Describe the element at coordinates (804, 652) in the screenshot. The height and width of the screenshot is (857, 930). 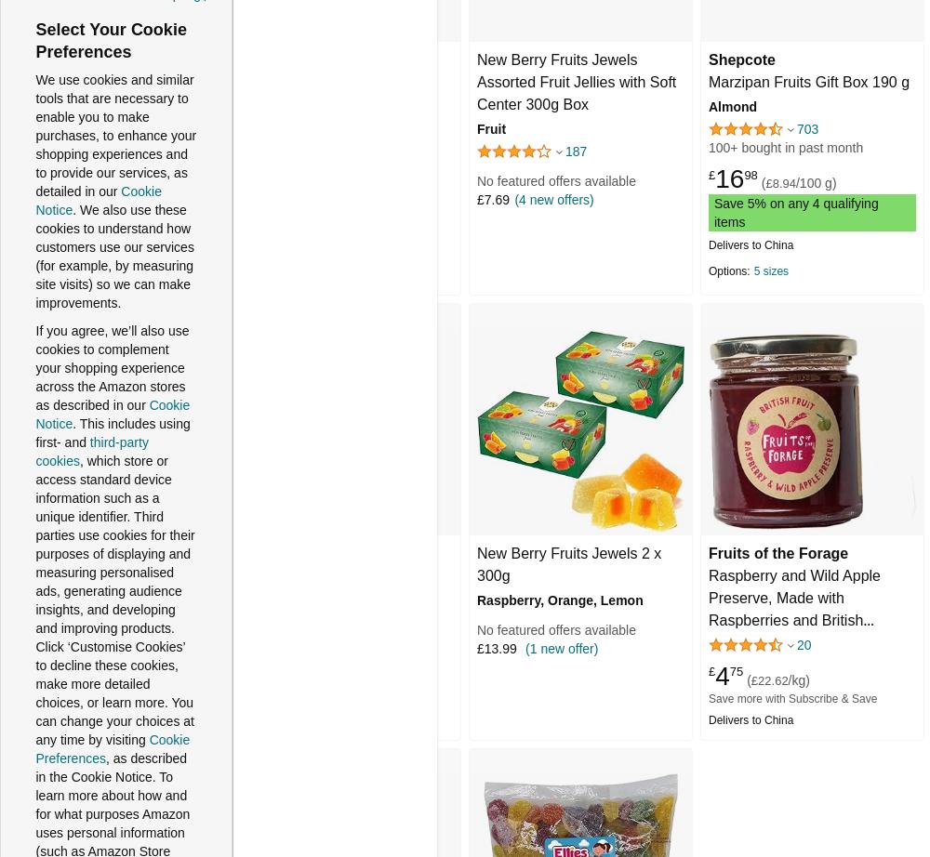
I see `'Raspberry and Wild Apple Preserve, Made with Raspberries and British Apples. Great for Summer Scones and Sponge Cakes, Sustainably Sourced & 100% Recyclable Packaging, 210g jar'` at that location.